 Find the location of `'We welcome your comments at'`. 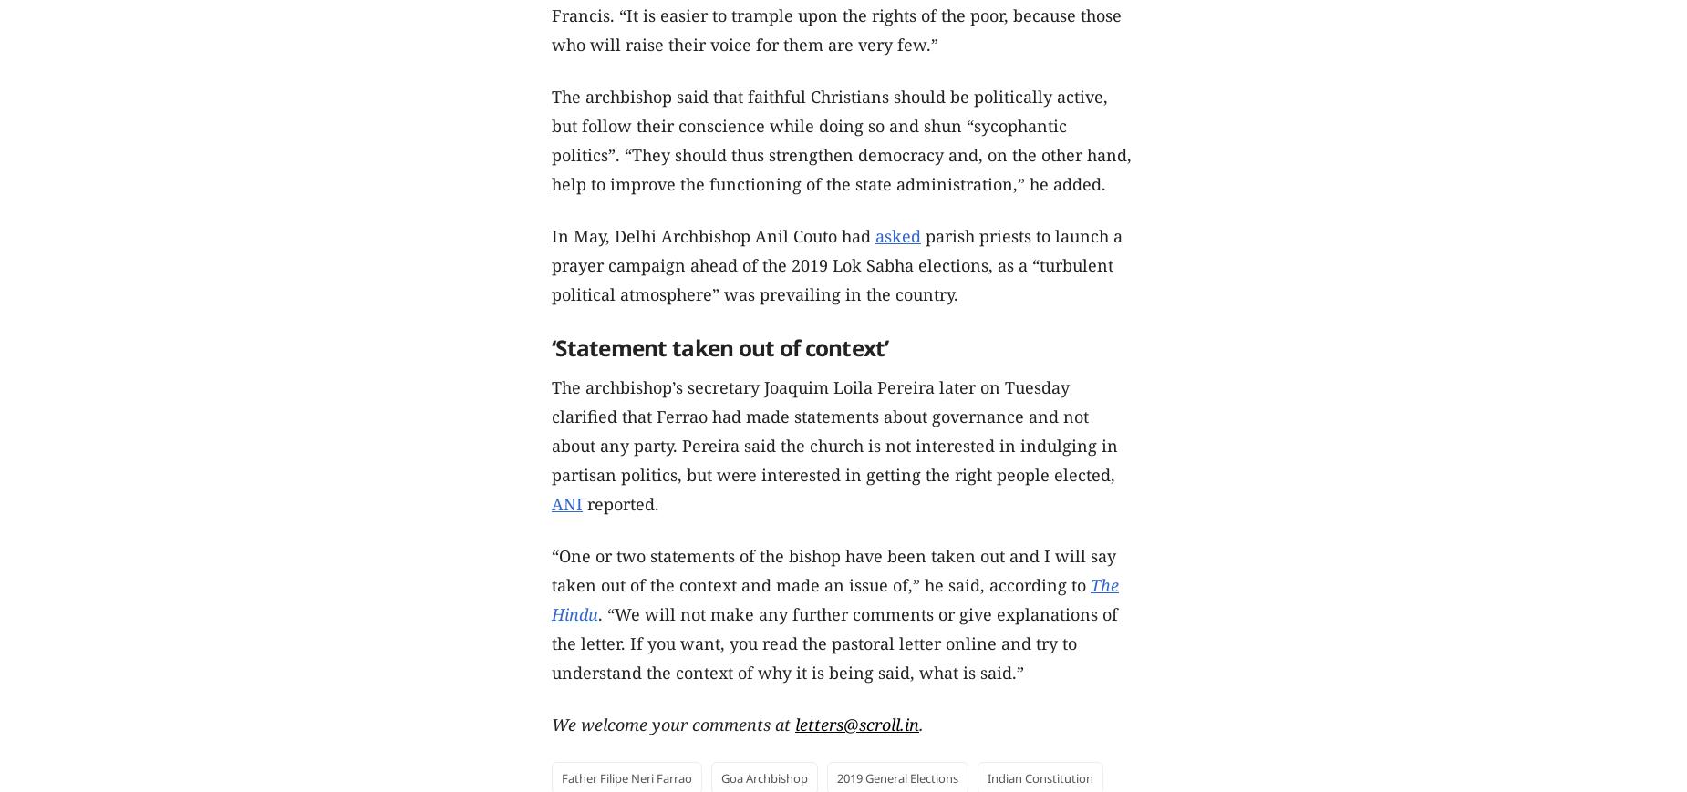

'We welcome your comments at' is located at coordinates (673, 724).